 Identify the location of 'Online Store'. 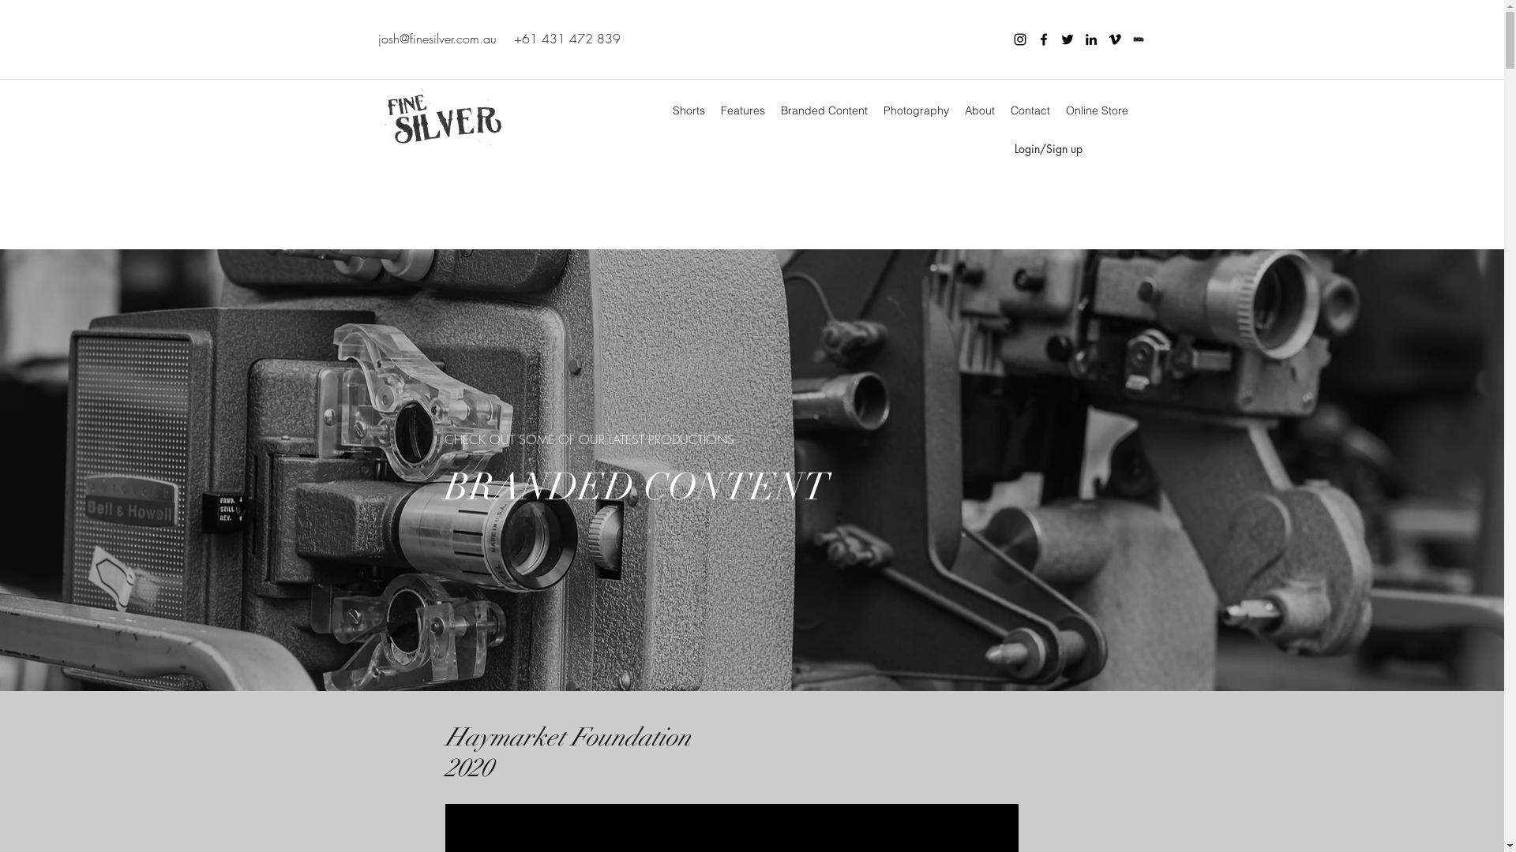
(1096, 109).